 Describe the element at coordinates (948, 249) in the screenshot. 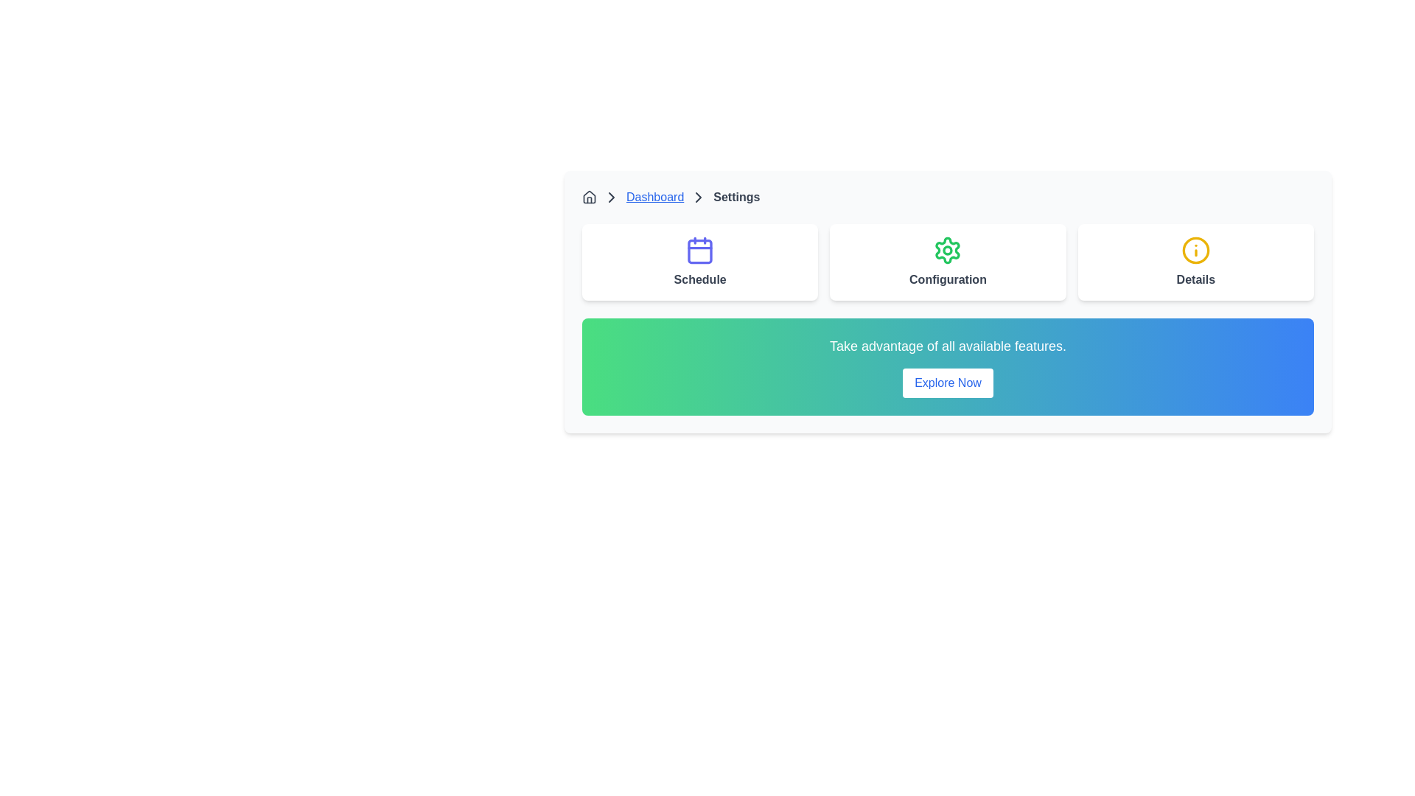

I see `the icon representing the 'Configuration' section within the button` at that location.